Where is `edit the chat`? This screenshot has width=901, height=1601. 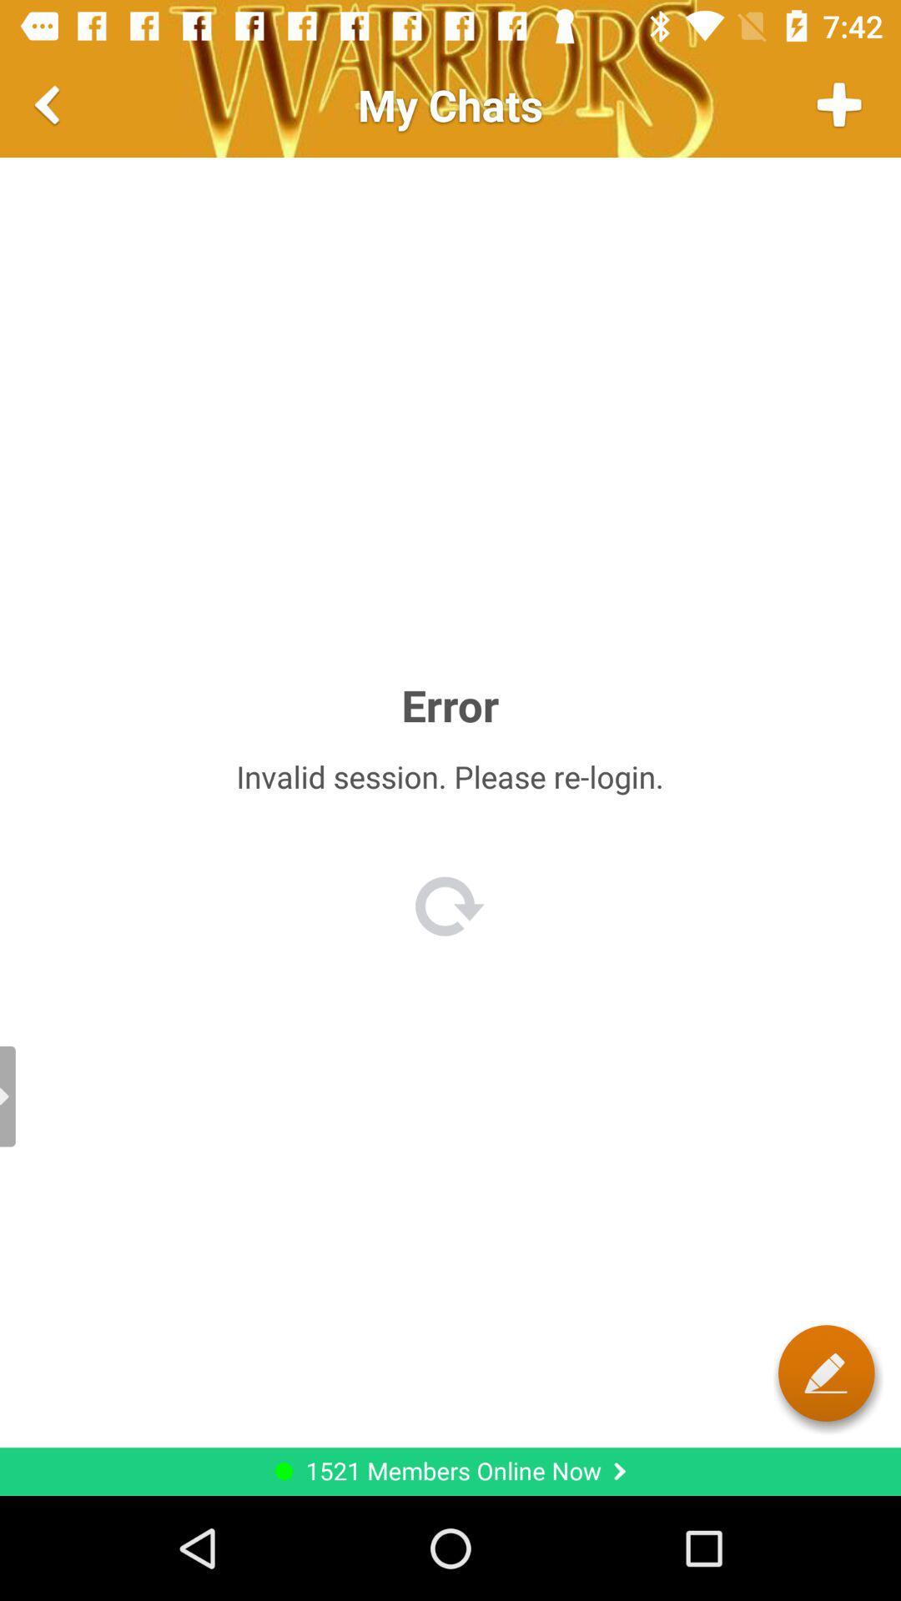
edit the chat is located at coordinates (826, 1373).